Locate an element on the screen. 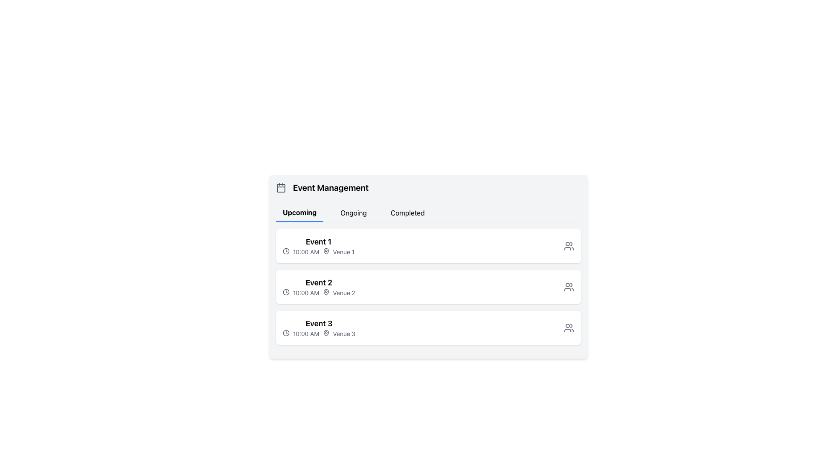  time and location details displayed in the Label element for 'Event 2', which shows '10:00 AM' and 'Venue 2' is located at coordinates (319, 292).